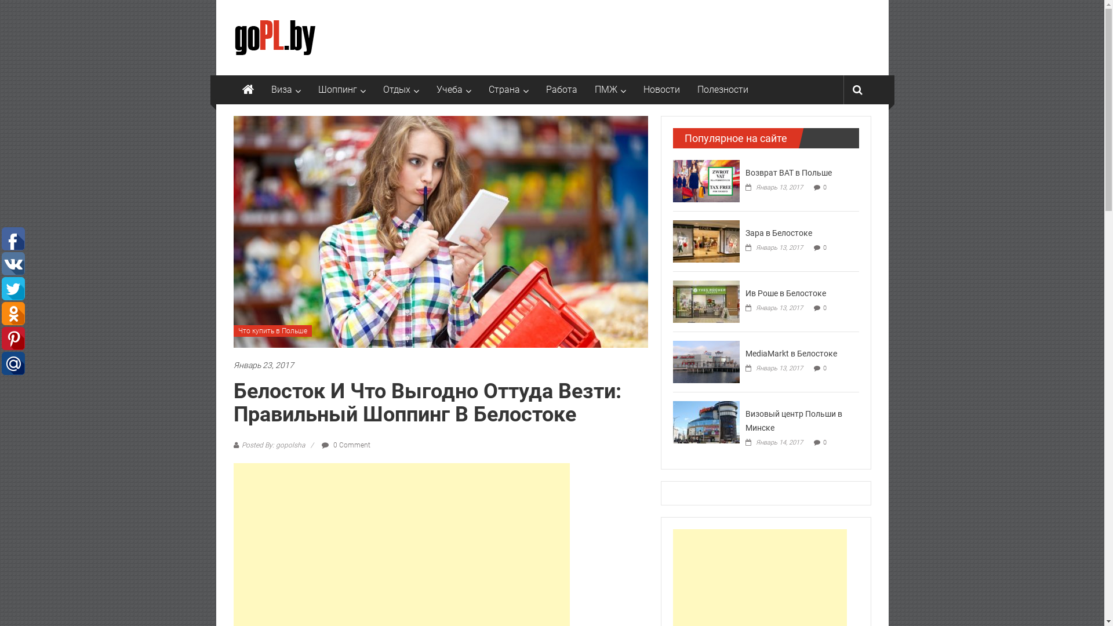 This screenshot has height=626, width=1113. I want to click on '0', so click(823, 307).